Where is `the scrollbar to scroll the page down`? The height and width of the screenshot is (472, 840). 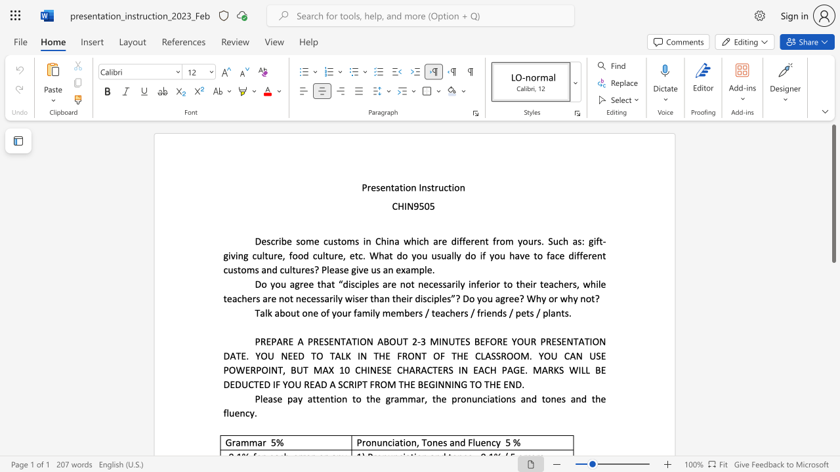
the scrollbar to scroll the page down is located at coordinates (833, 321).